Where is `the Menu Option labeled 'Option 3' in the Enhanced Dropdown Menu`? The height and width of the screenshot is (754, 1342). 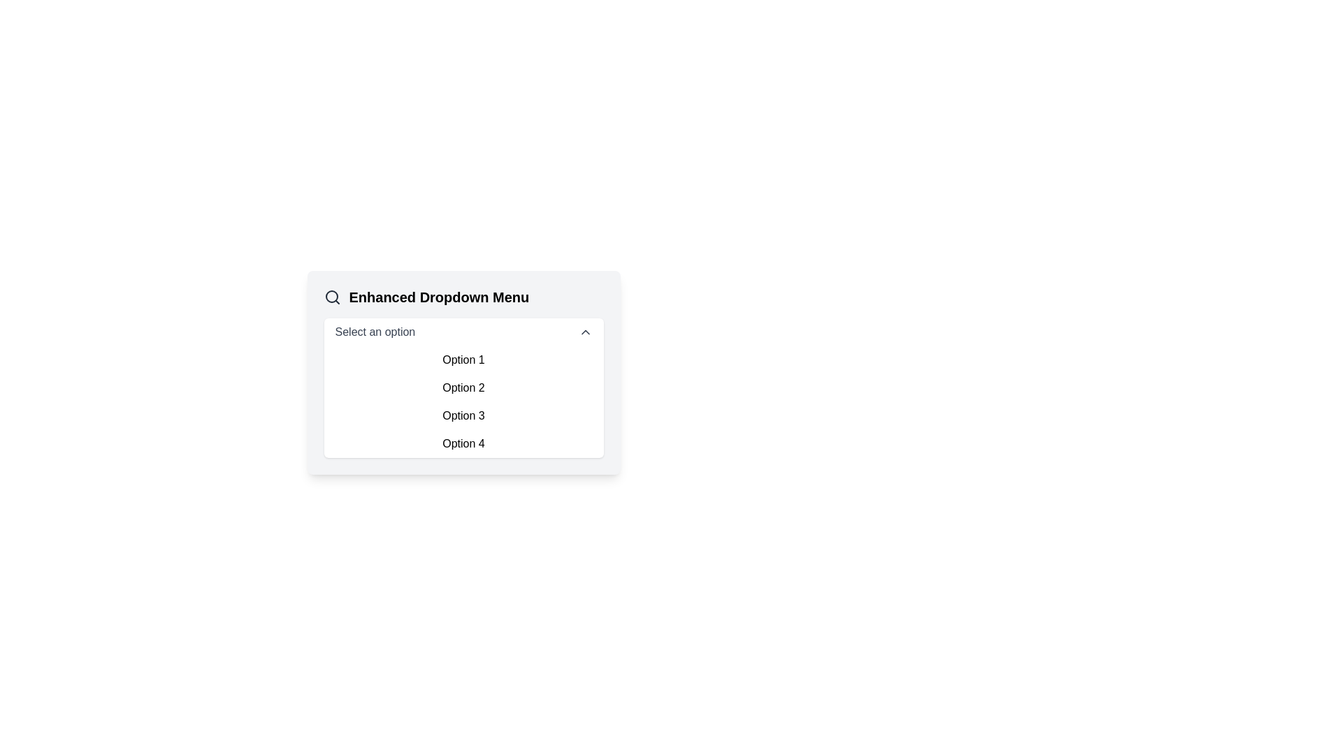
the Menu Option labeled 'Option 3' in the Enhanced Dropdown Menu is located at coordinates (463, 415).